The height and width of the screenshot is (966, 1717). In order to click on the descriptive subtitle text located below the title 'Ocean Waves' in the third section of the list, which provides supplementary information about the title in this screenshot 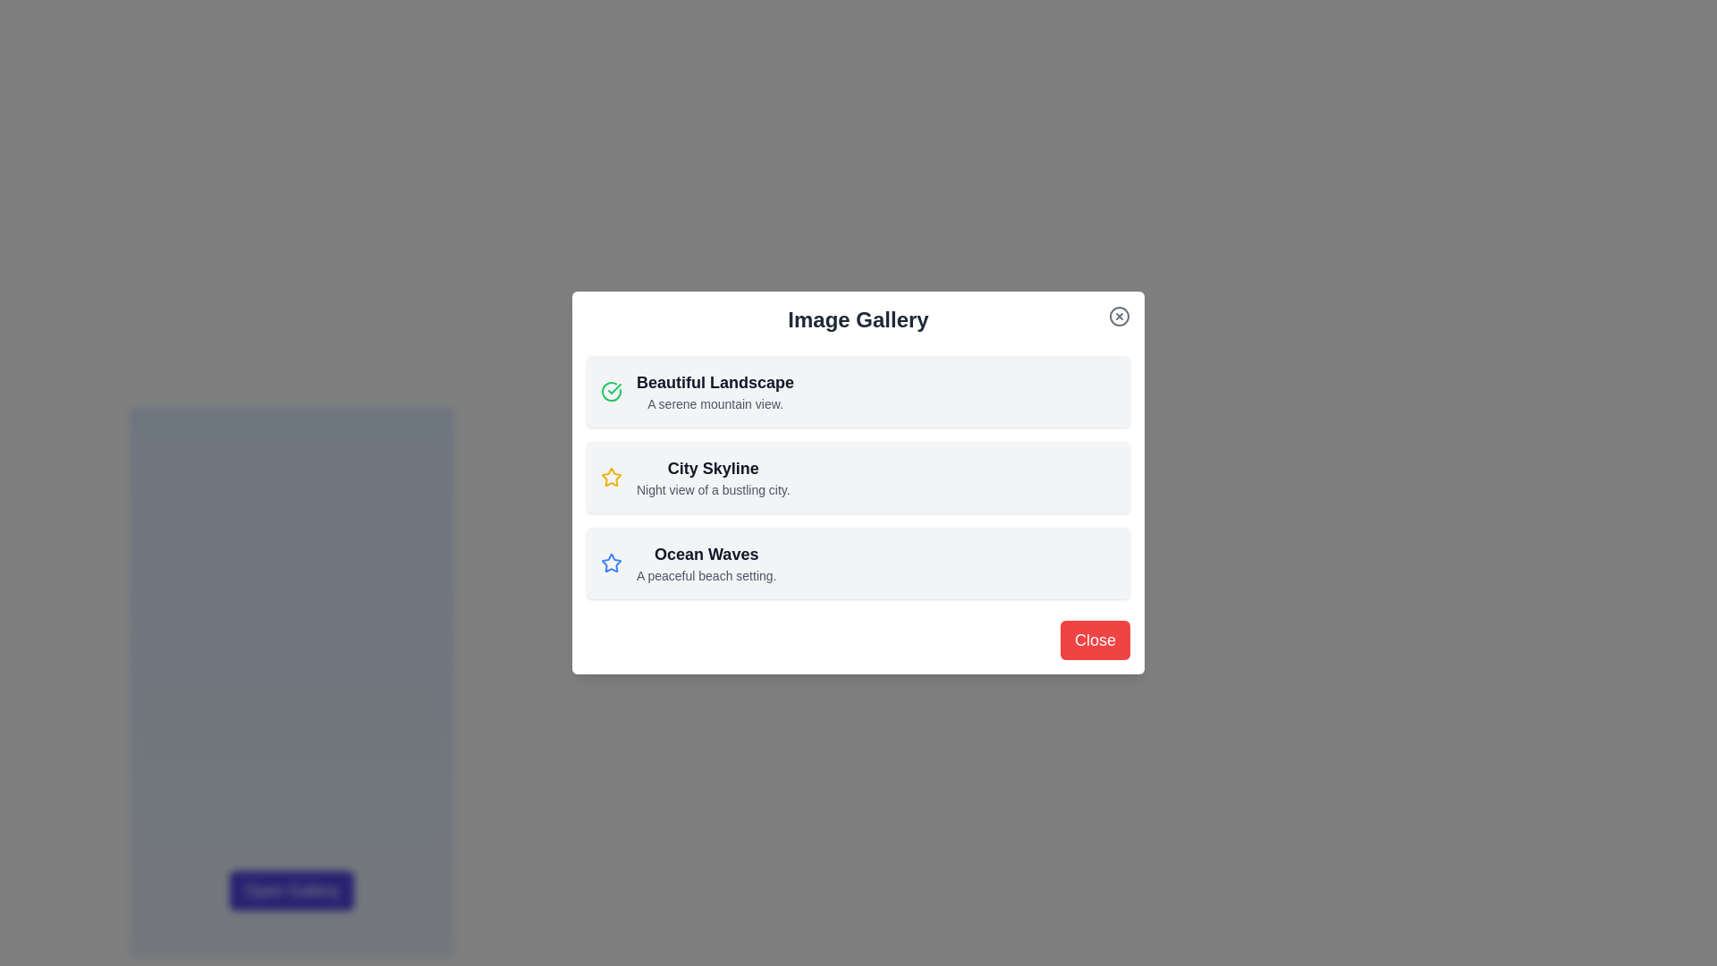, I will do `click(706, 576)`.